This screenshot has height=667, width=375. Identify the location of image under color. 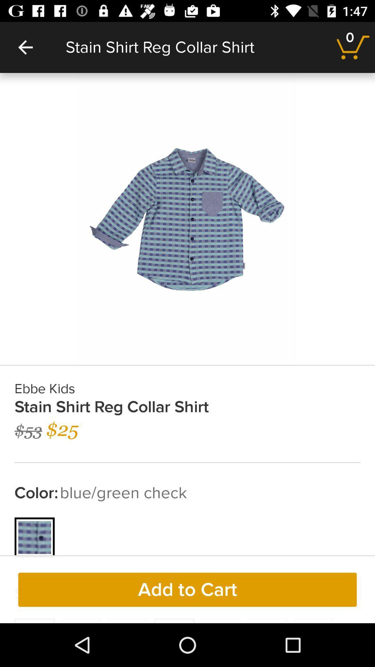
(35, 537).